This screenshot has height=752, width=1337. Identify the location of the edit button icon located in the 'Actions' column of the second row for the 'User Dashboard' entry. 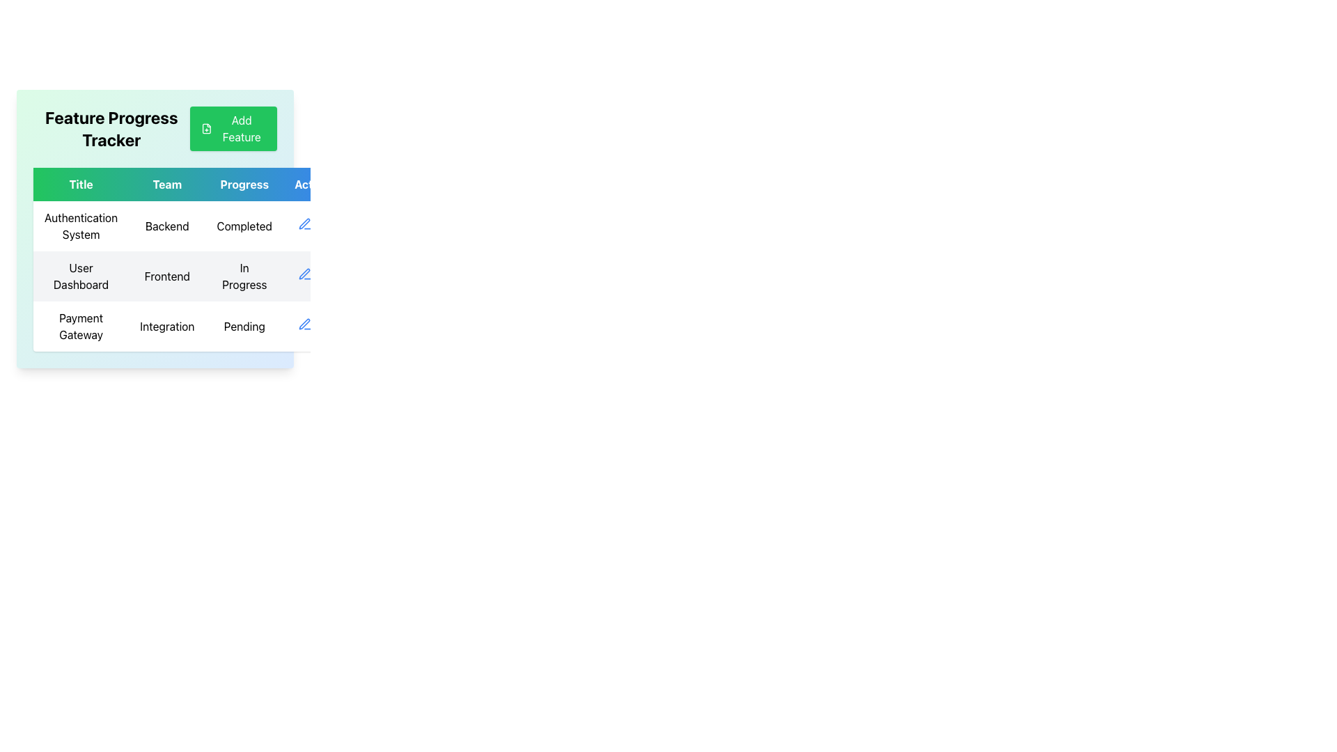
(304, 223).